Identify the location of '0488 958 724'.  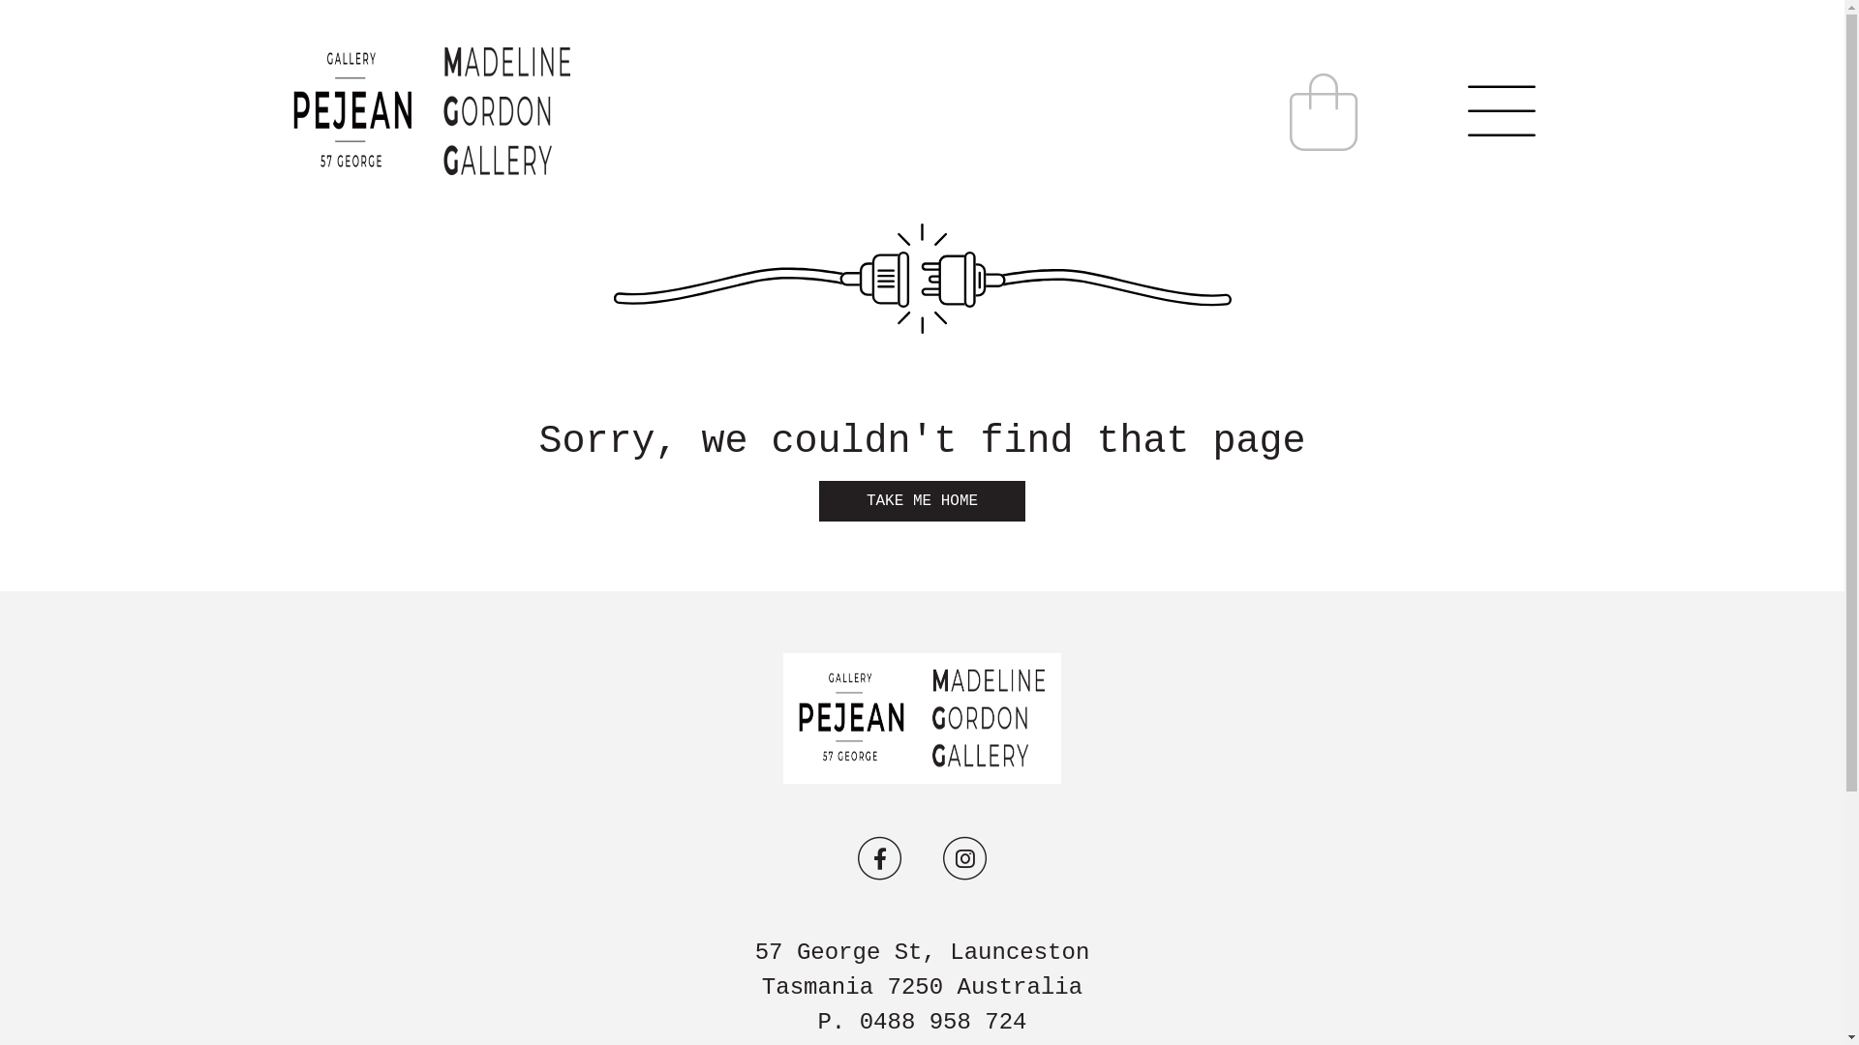
(943, 1021).